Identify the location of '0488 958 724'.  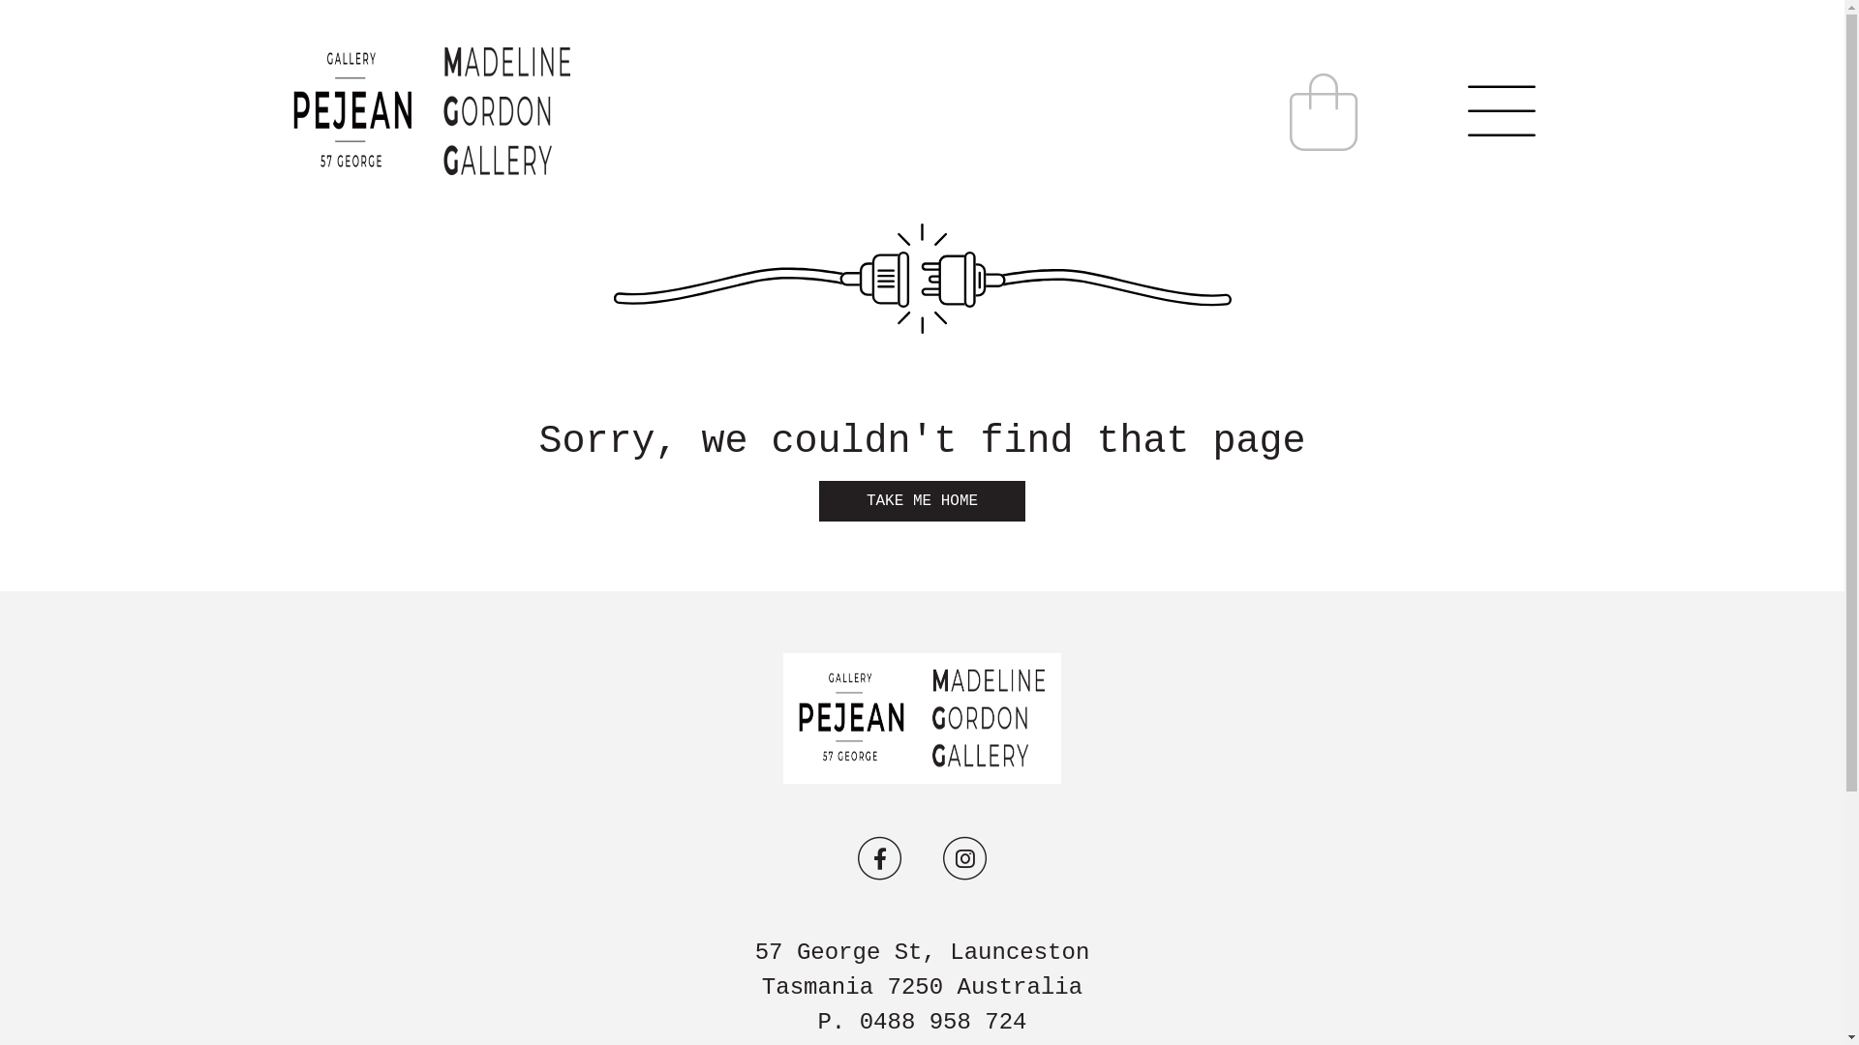
(943, 1021).